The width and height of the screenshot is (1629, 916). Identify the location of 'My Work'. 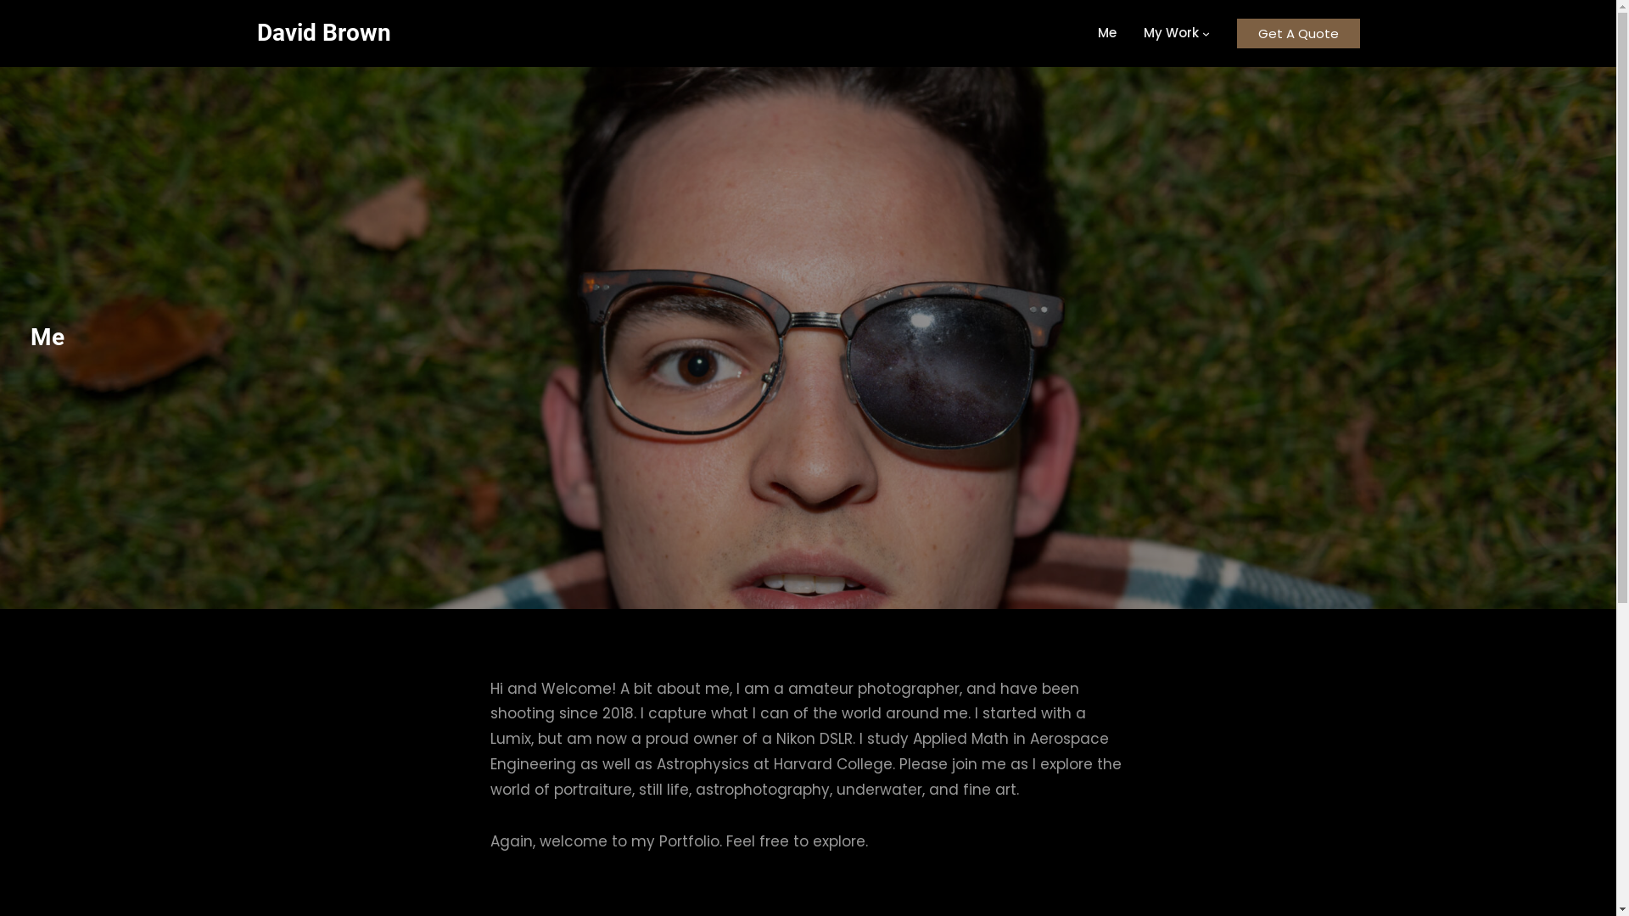
(1170, 32).